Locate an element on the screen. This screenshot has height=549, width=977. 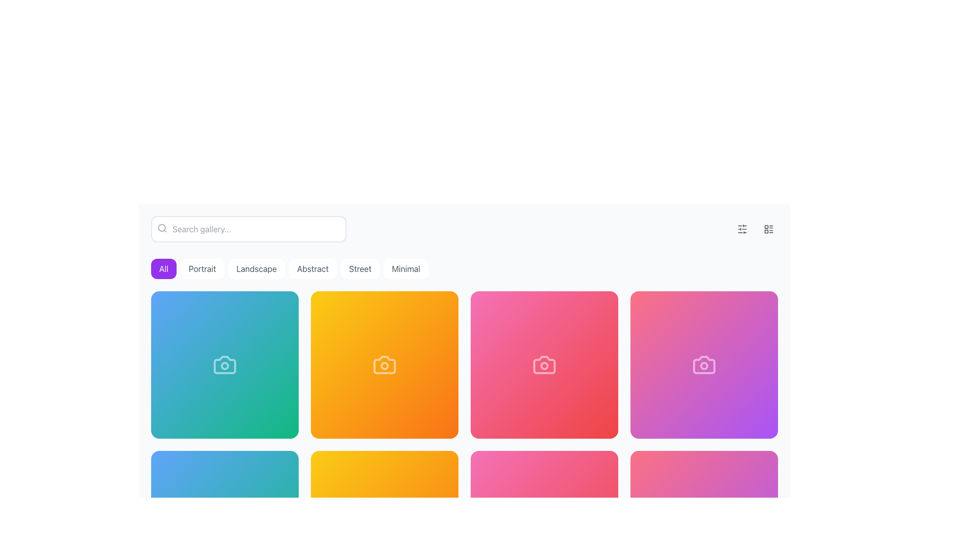
the first button in the horizontal group of six buttons located beneath the search bar is located at coordinates (163, 268).